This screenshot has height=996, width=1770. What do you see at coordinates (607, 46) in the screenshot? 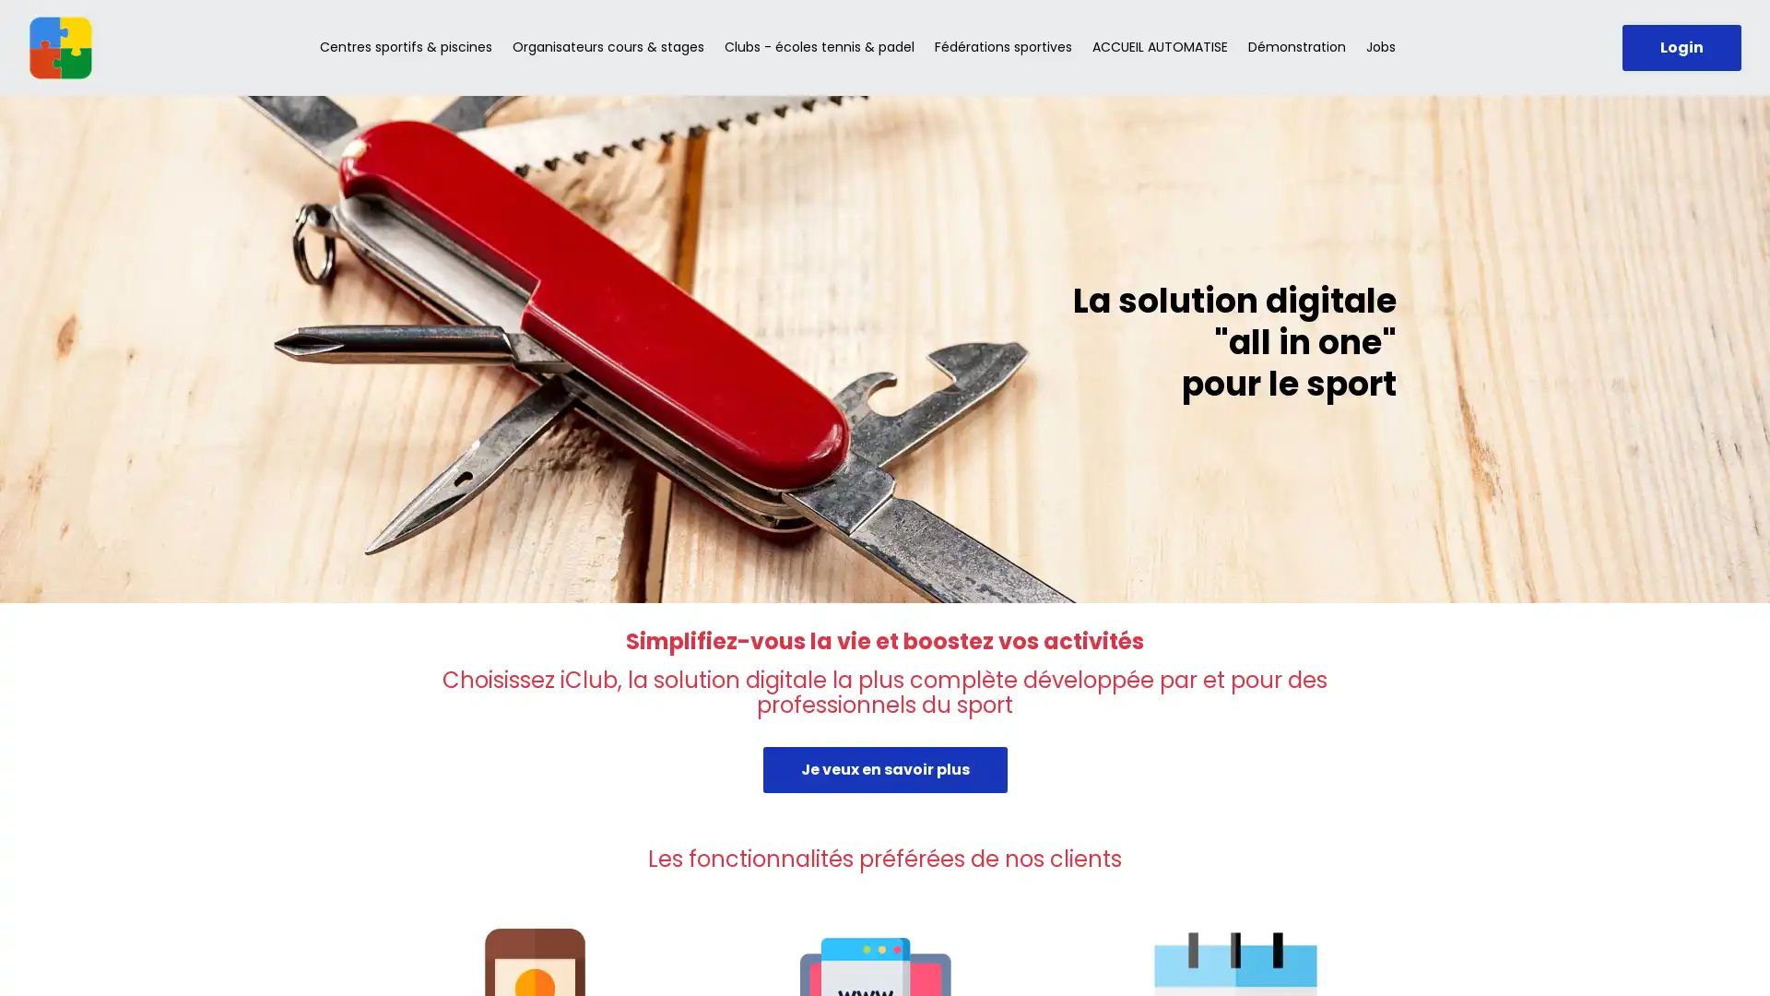
I see `Organisateurs cours & stages` at bounding box center [607, 46].